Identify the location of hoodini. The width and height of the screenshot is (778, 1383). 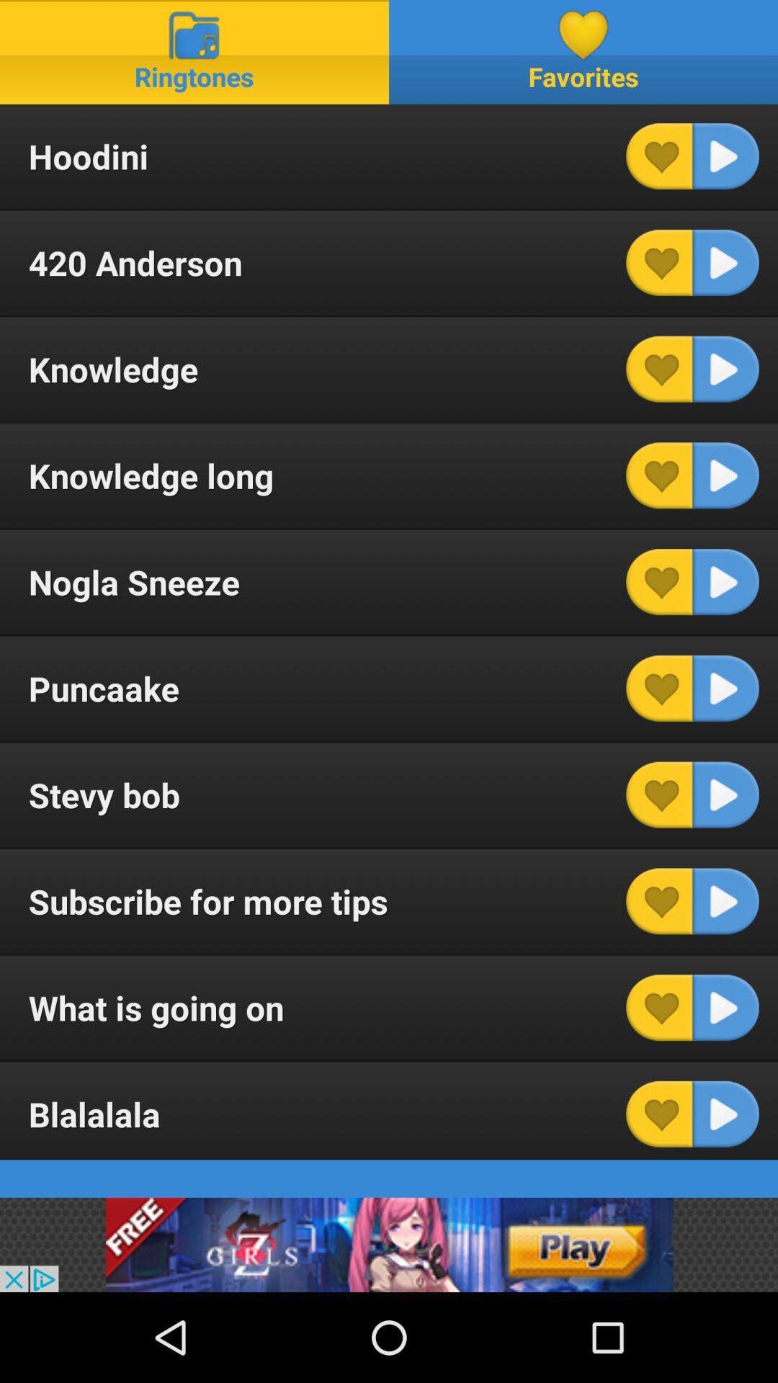
(725, 156).